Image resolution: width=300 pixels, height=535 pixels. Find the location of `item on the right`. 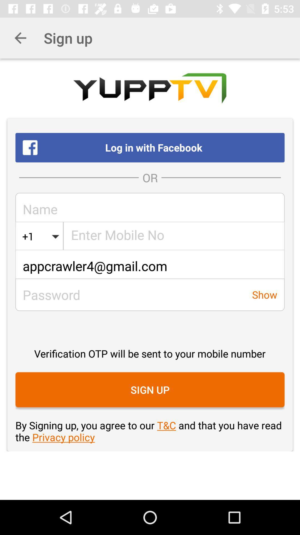

item on the right is located at coordinates (264, 294).